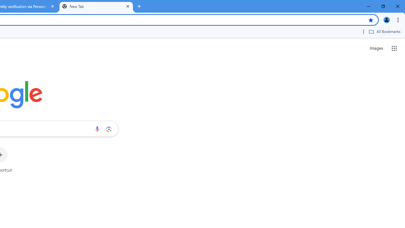  Describe the element at coordinates (371, 19) in the screenshot. I see `'Bookmark this tab'` at that location.